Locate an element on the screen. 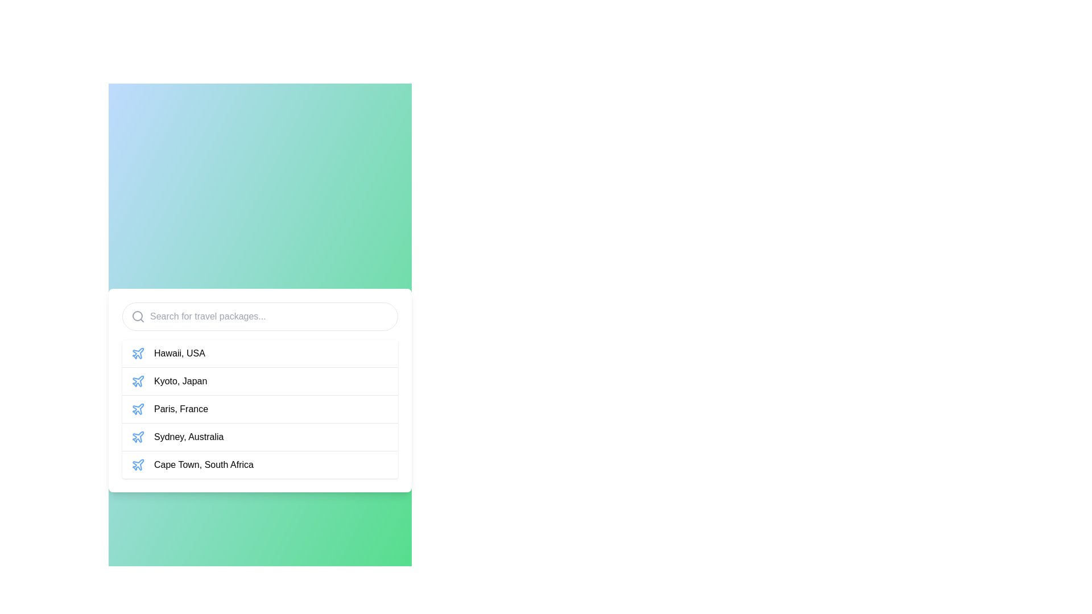 The image size is (1092, 614). the text label displaying 'Cape Town, South Africa' is located at coordinates (204, 464).